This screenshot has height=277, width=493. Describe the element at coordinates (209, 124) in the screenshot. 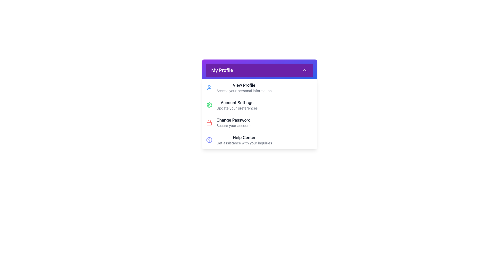

I see `the decorative component of the lock icon associated with the 'Change Password' text in the vertical menu under 'My Profile'` at that location.